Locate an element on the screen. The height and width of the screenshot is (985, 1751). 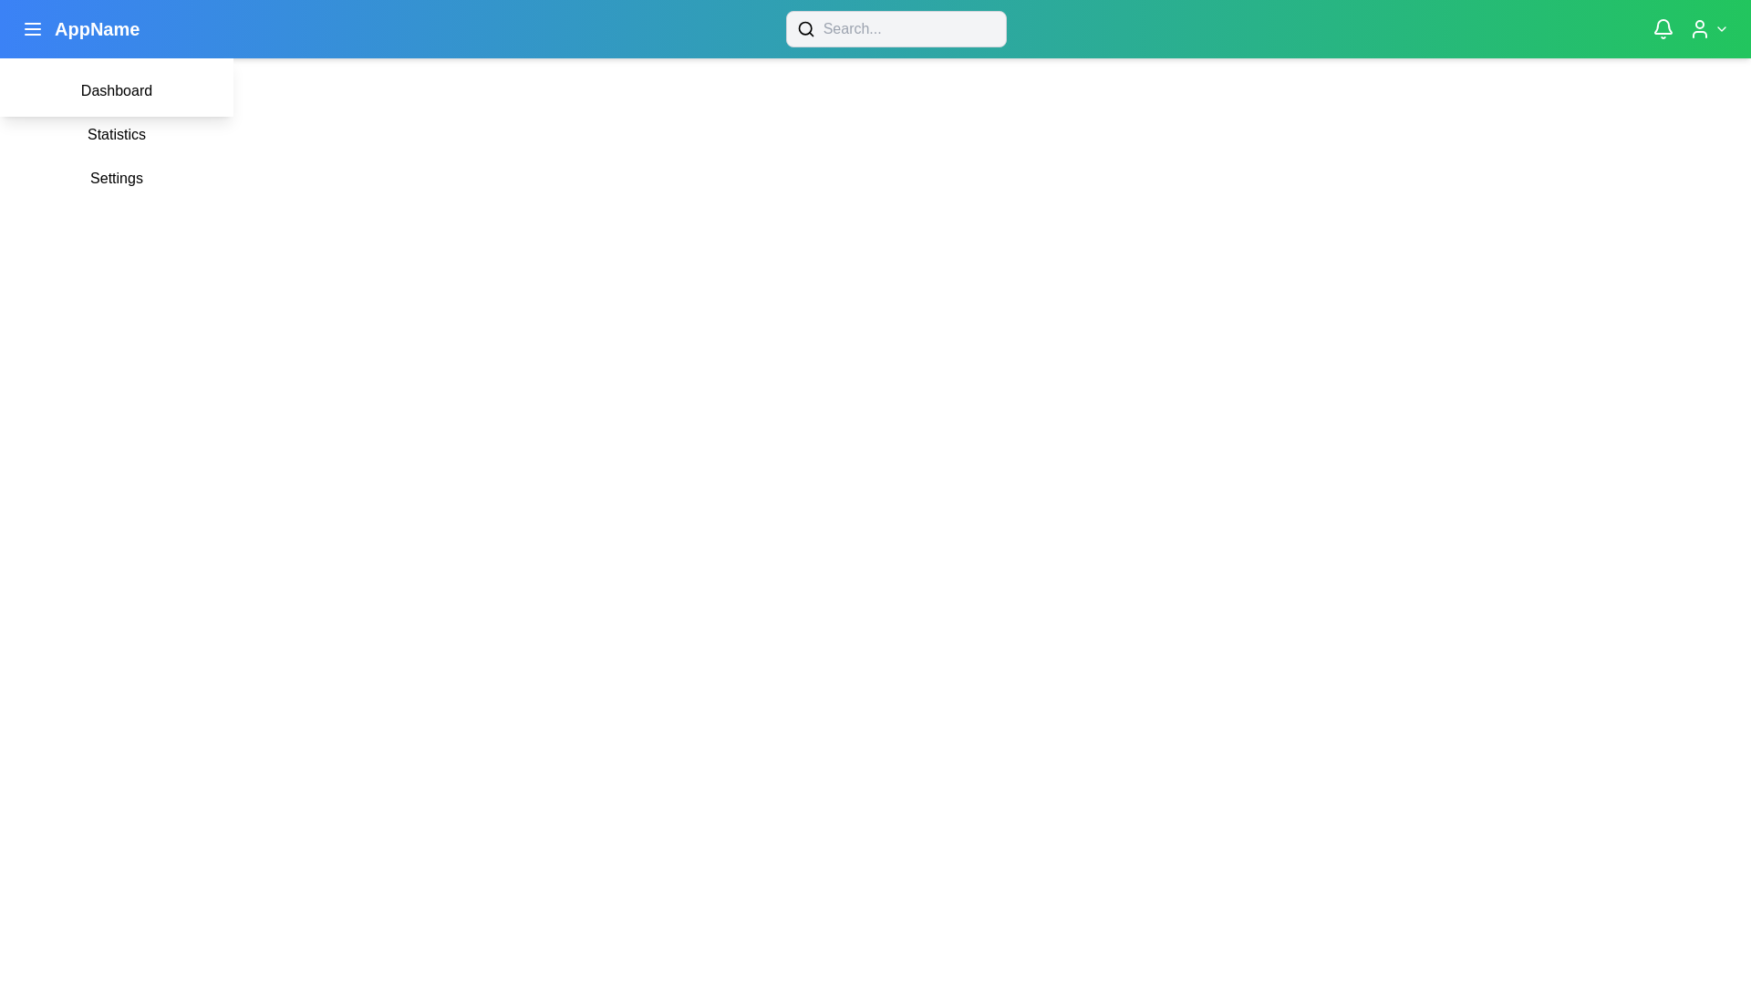
the upper part of the notification bell icon located in the top-right corner of the application bar, which is represented as a vector graphic within an SVG is located at coordinates (1663, 26).